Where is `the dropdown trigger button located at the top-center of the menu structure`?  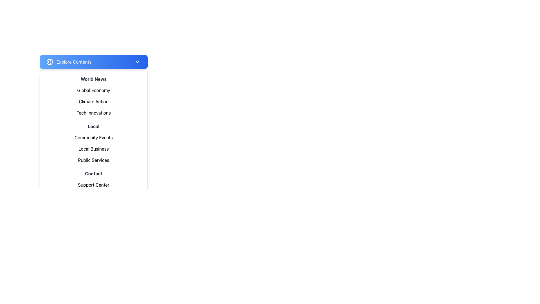
the dropdown trigger button located at the top-center of the menu structure is located at coordinates (93, 62).